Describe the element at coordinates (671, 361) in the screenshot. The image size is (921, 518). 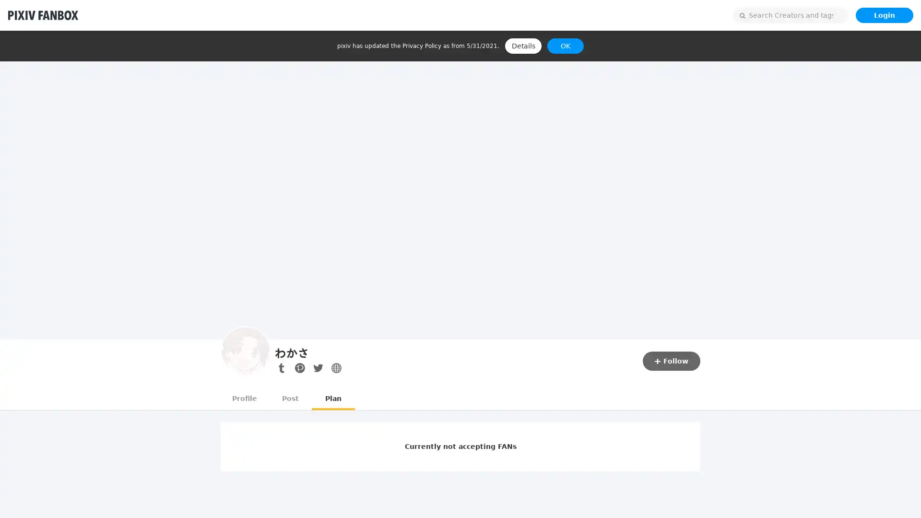
I see `Follow` at that location.